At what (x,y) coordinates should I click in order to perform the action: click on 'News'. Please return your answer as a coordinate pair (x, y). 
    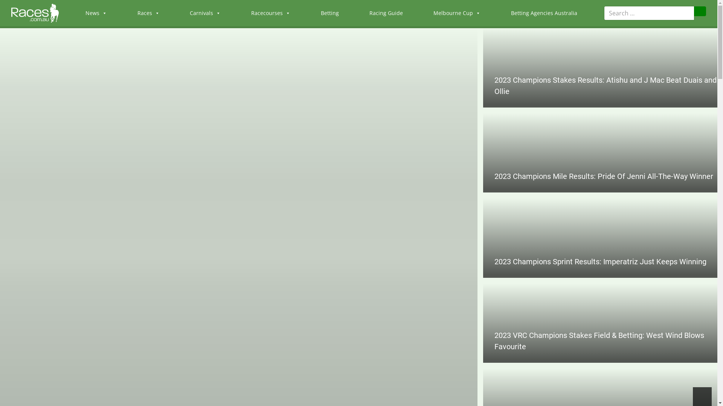
    Looking at the image, I should click on (96, 13).